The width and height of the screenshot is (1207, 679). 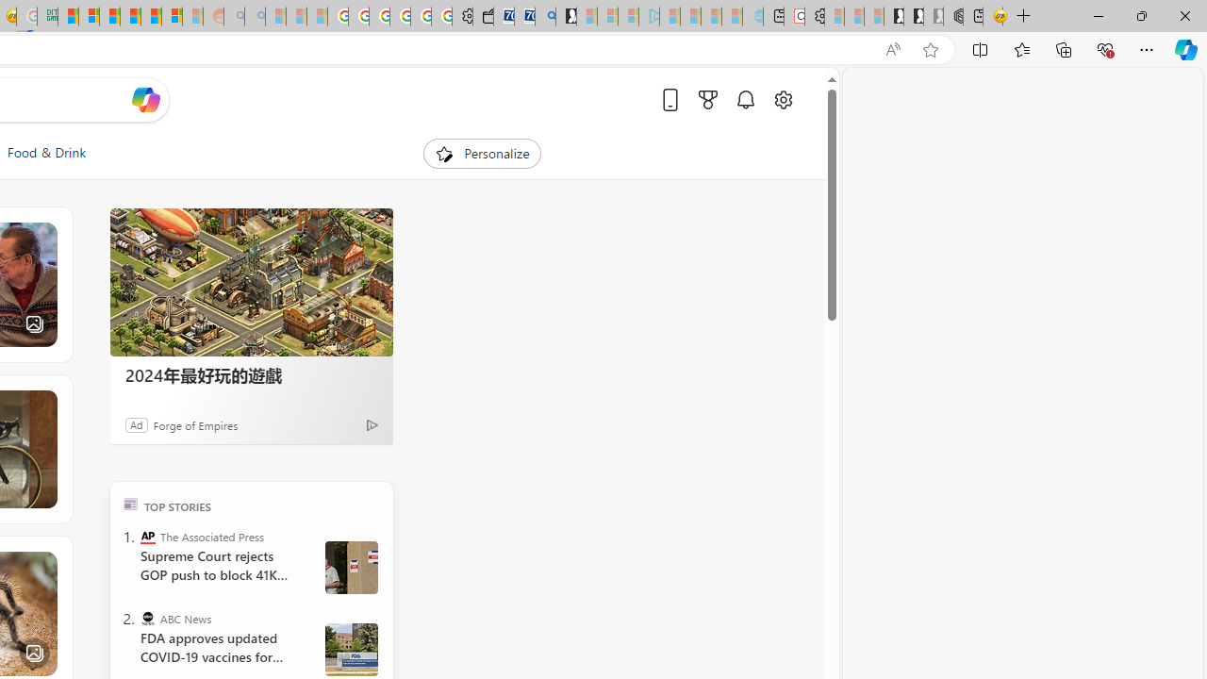 I want to click on 'ABC News', so click(x=146, y=618).